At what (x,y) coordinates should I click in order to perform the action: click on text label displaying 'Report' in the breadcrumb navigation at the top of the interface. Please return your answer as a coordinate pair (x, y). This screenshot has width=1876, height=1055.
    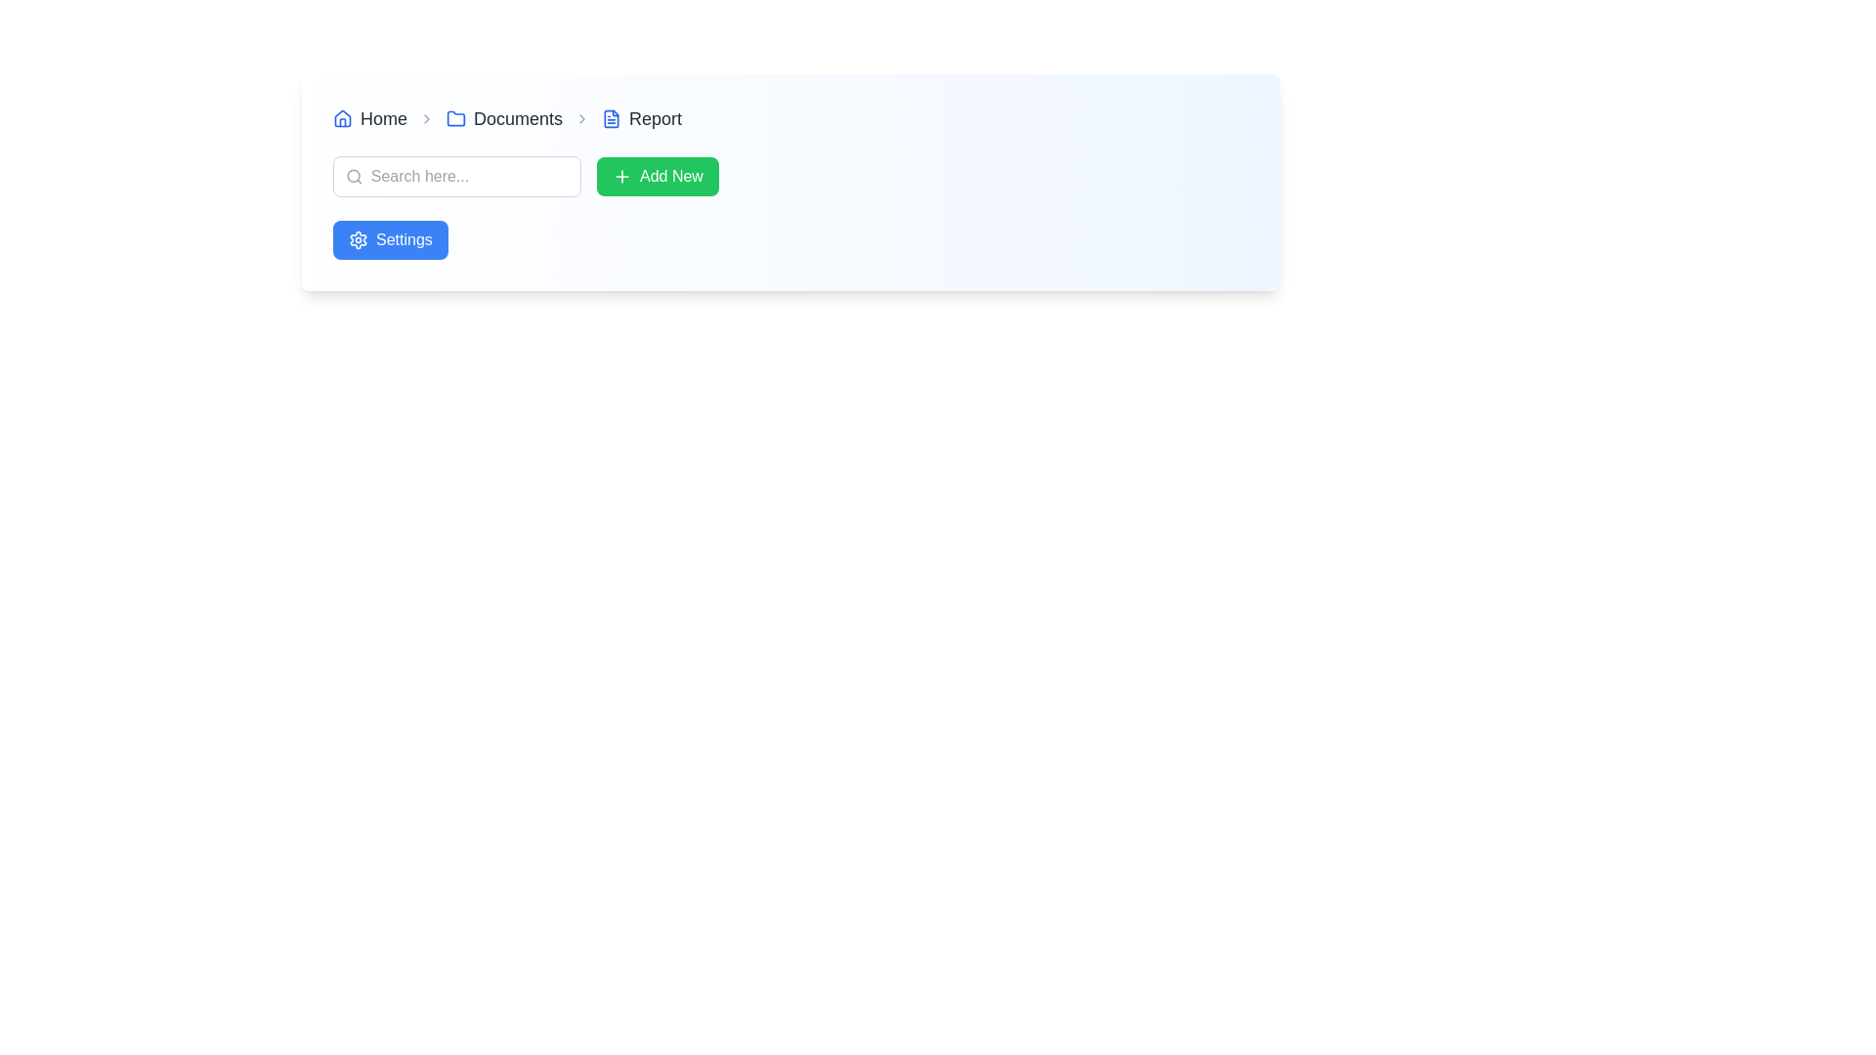
    Looking at the image, I should click on (656, 119).